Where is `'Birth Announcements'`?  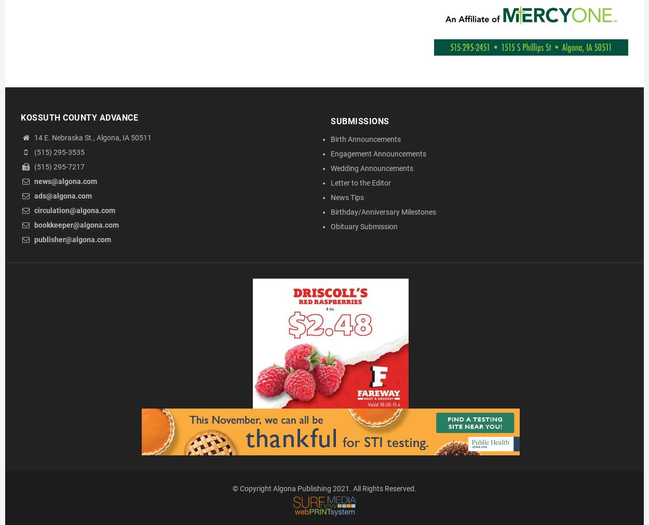
'Birth Announcements' is located at coordinates (331, 139).